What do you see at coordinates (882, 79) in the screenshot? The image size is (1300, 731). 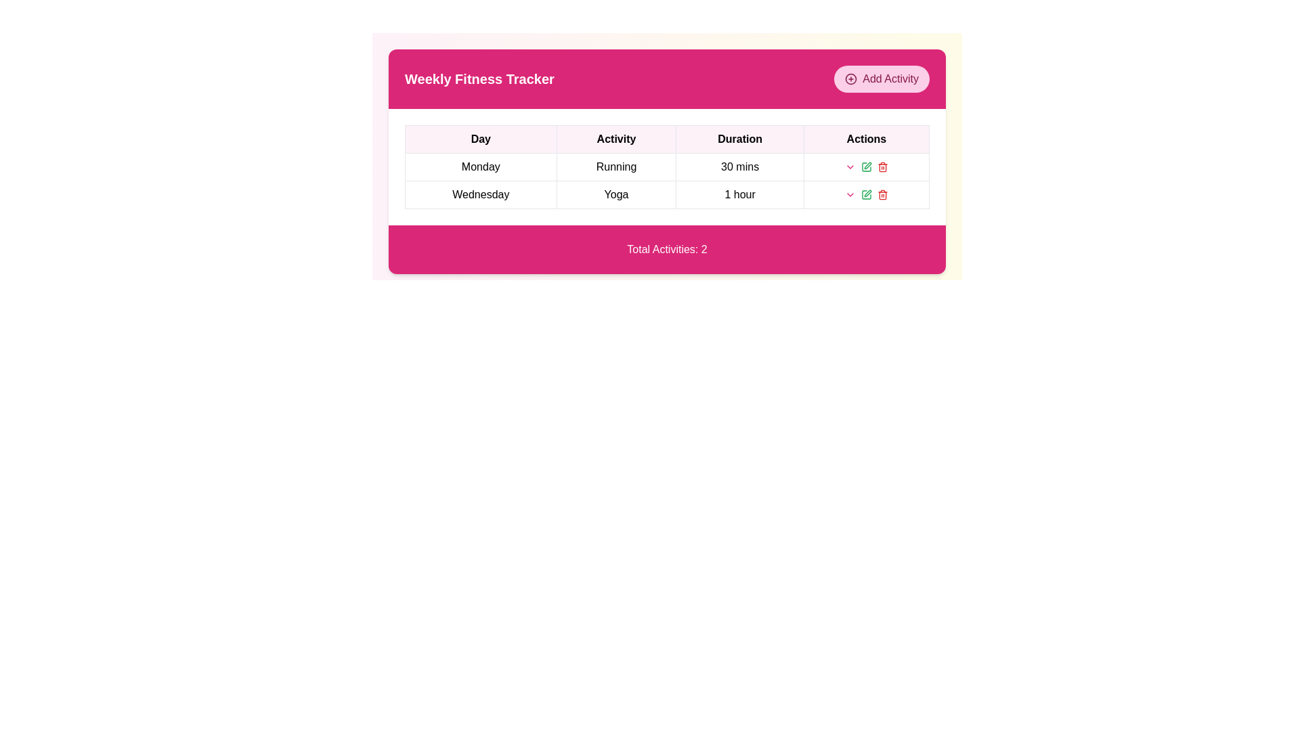 I see `the rounded pink button labeled 'Add Activity' located in the top-right corner of the header section` at bounding box center [882, 79].